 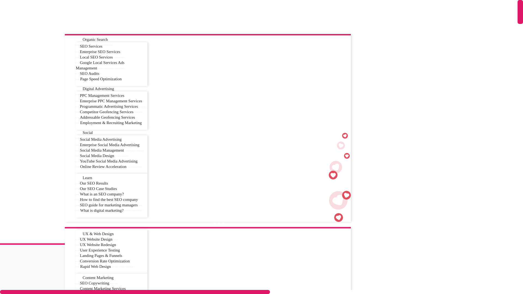 I want to click on 'SEO Audits', so click(x=89, y=73).